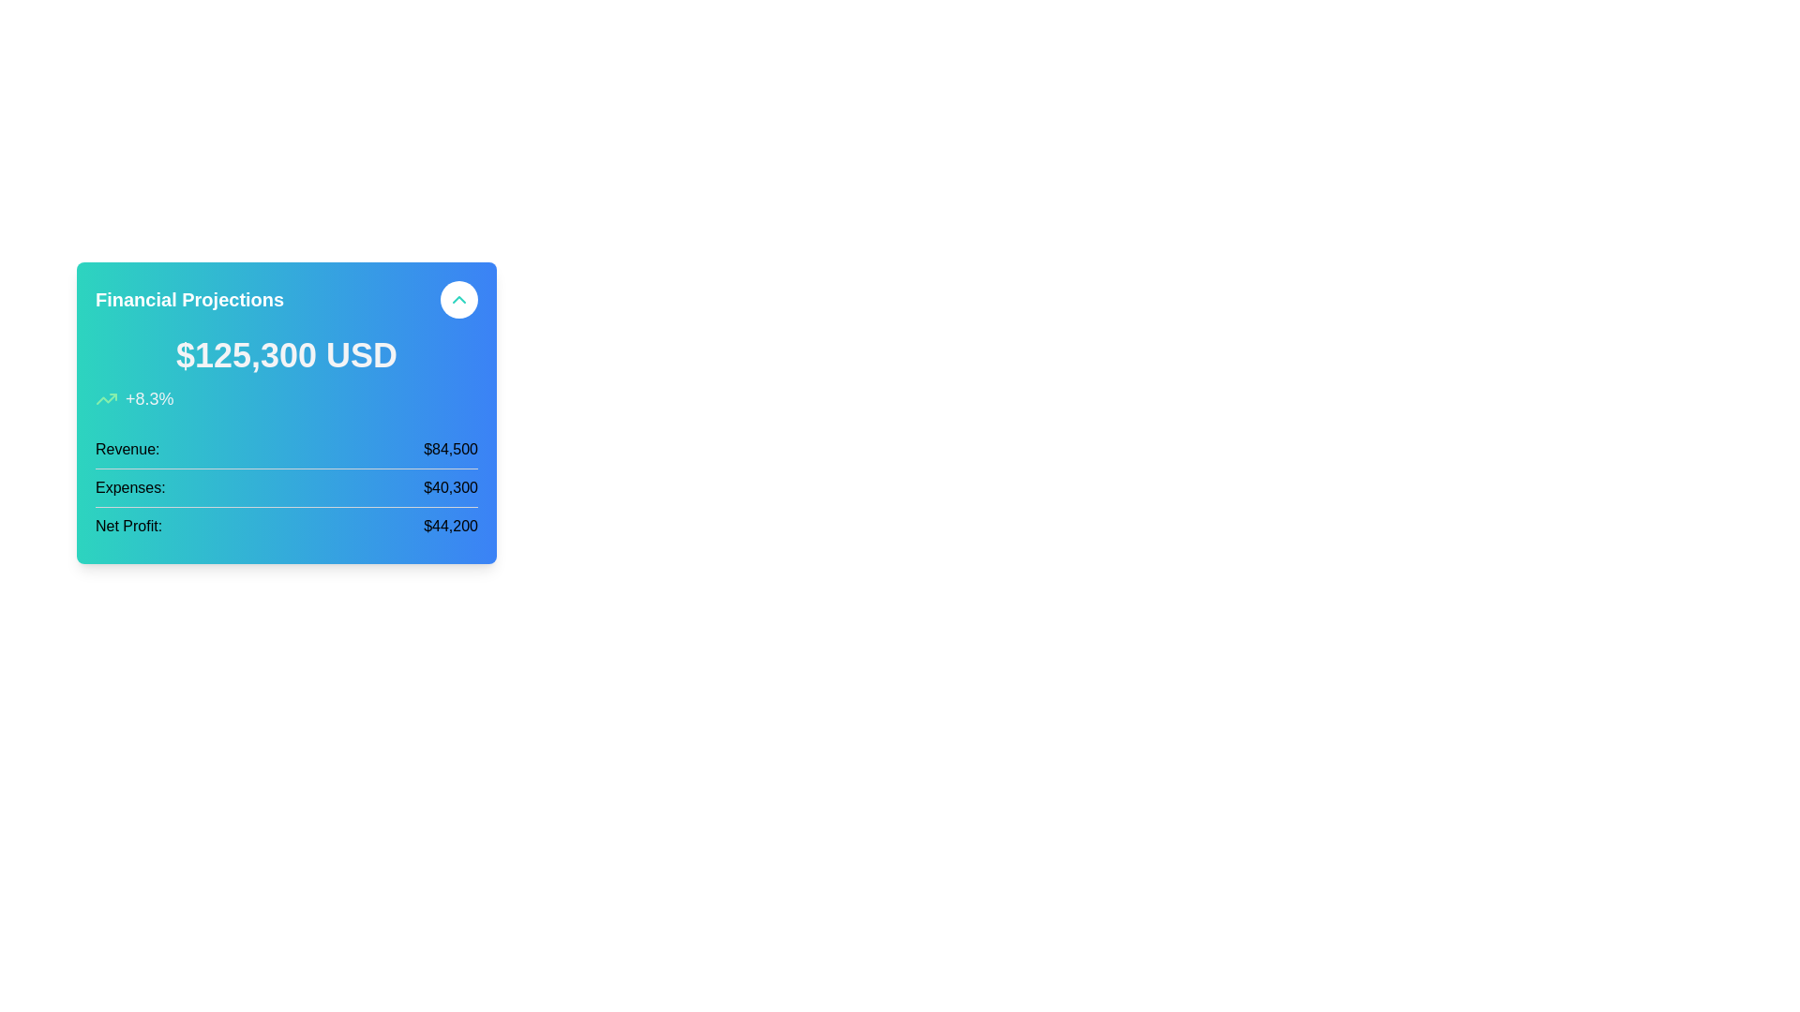  Describe the element at coordinates (286, 486) in the screenshot. I see `expenses amount displayed in the second row of the financial overview section, which is positioned between 'Revenue' and 'Net Profit'` at that location.